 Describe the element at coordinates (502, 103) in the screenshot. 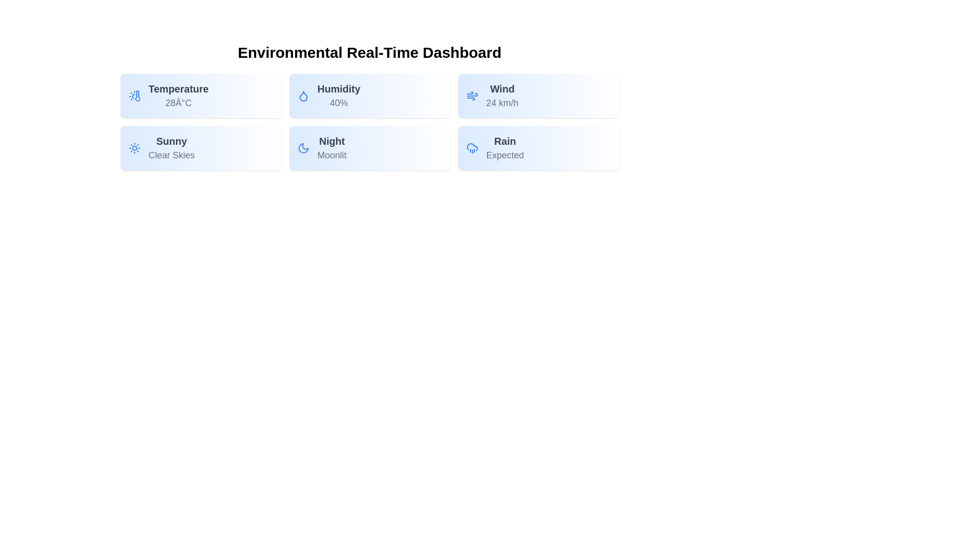

I see `the text label displaying '24 km/h', which is styled in a large gray font and positioned below the 'Wind' label in the top-right corner of the interface` at that location.